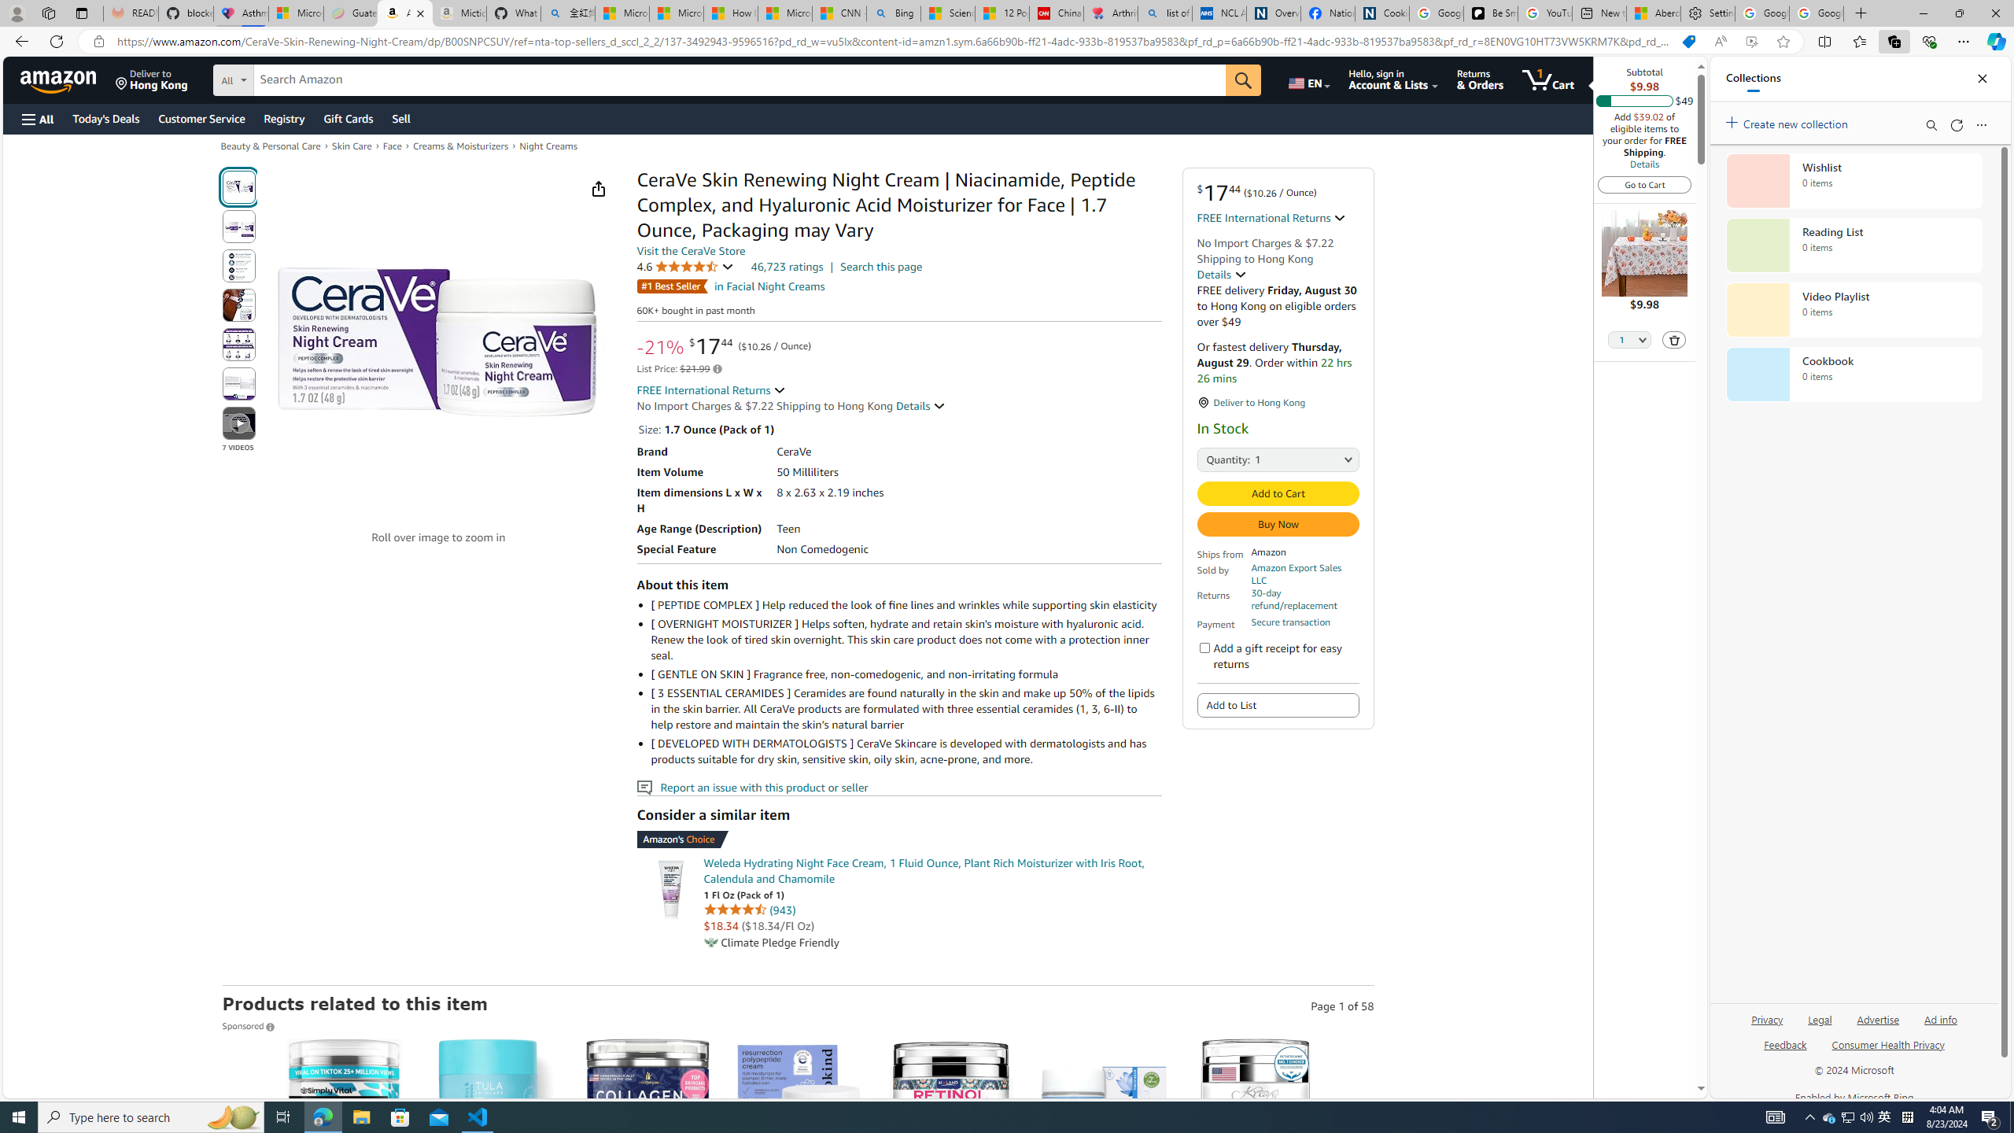  What do you see at coordinates (717, 368) in the screenshot?
I see `'Learn more about Amazon pricing and savings'` at bounding box center [717, 368].